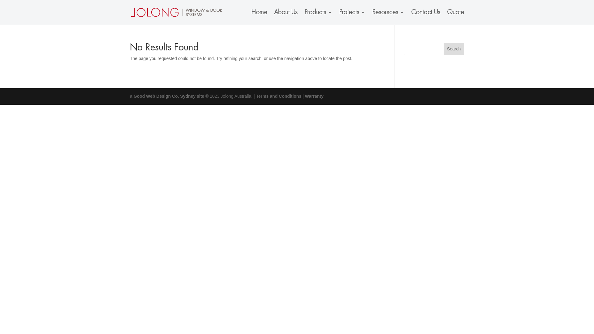 The width and height of the screenshot is (594, 334). I want to click on 'Home', so click(259, 17).